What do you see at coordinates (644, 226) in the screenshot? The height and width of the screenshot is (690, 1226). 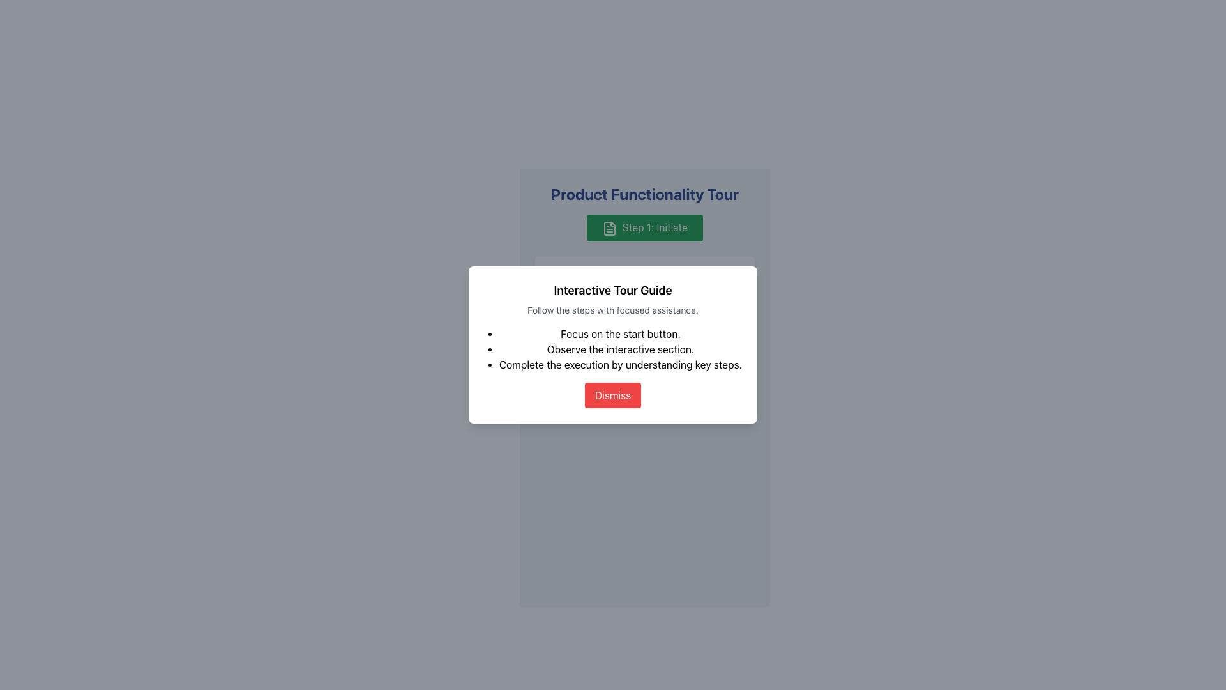 I see `the button labeled 'Product Functionality Tour' to initiate the first step of the process` at bounding box center [644, 226].